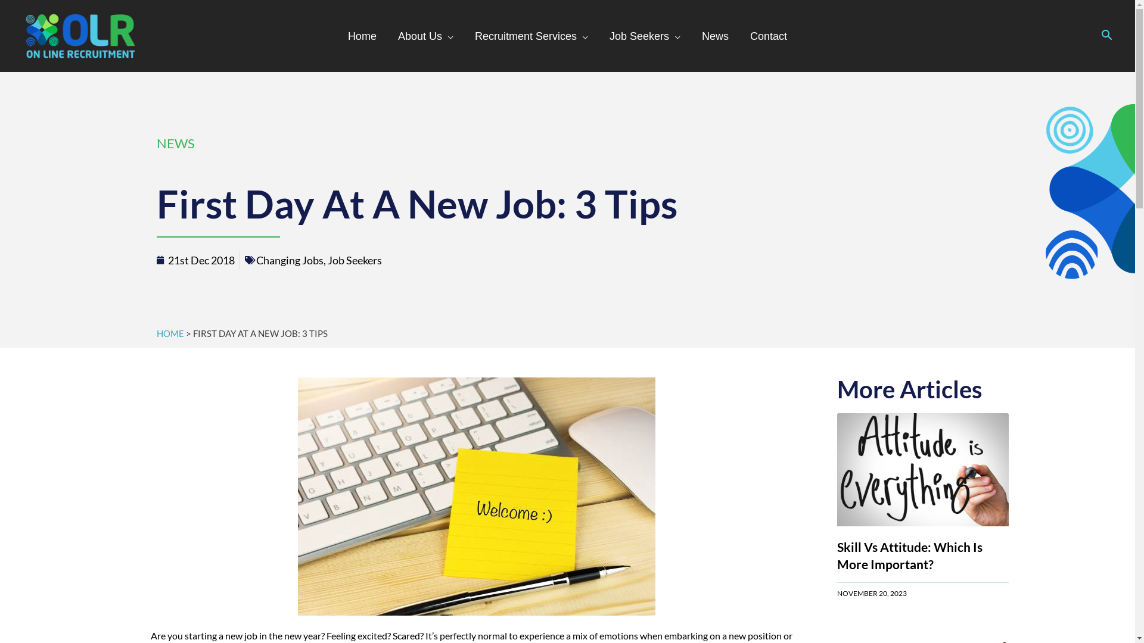 The height and width of the screenshot is (643, 1144). I want to click on 'Contact', so click(769, 36).